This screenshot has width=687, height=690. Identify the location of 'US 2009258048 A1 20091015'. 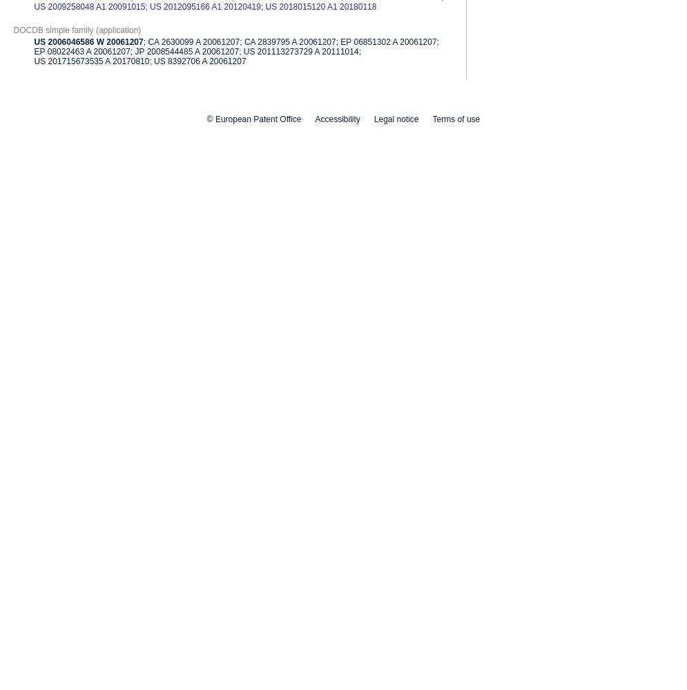
(88, 6).